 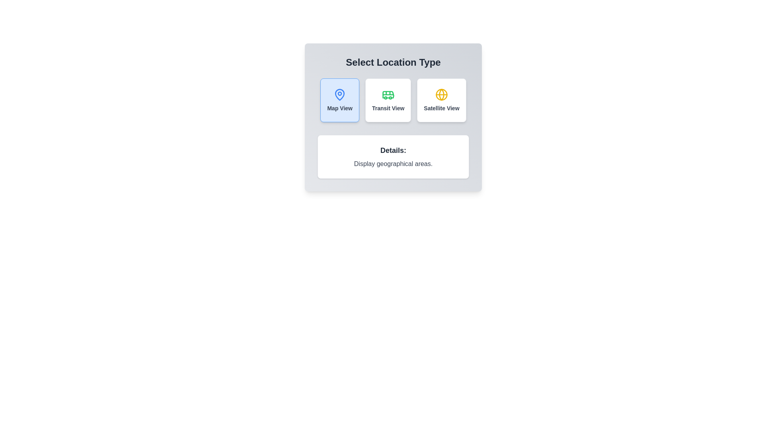 What do you see at coordinates (388, 100) in the screenshot?
I see `the second tile in the row of transit selection options, located under 'Select Location Type', to observe the scale effect` at bounding box center [388, 100].